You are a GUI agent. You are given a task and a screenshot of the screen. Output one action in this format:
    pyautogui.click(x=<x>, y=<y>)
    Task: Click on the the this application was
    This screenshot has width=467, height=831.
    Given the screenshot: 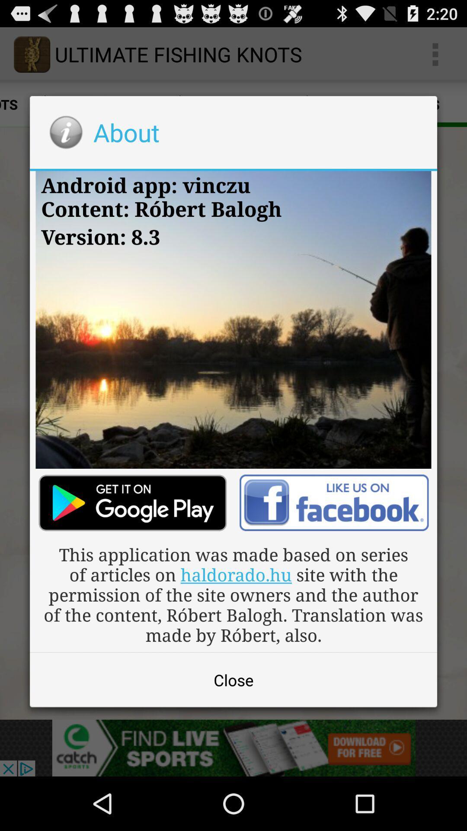 What is the action you would take?
    pyautogui.click(x=233, y=594)
    